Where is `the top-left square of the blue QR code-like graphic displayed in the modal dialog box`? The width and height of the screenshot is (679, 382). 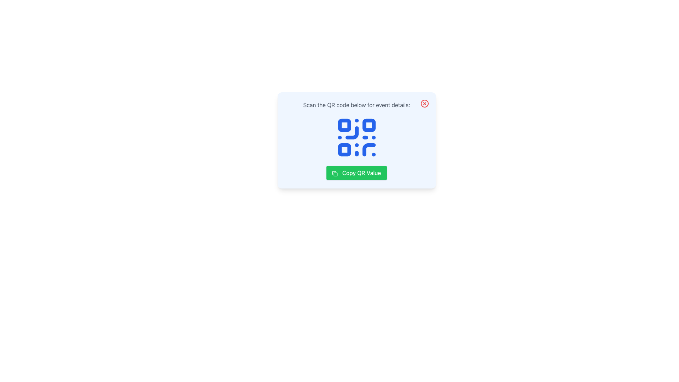
the top-left square of the blue QR code-like graphic displayed in the modal dialog box is located at coordinates (344, 125).